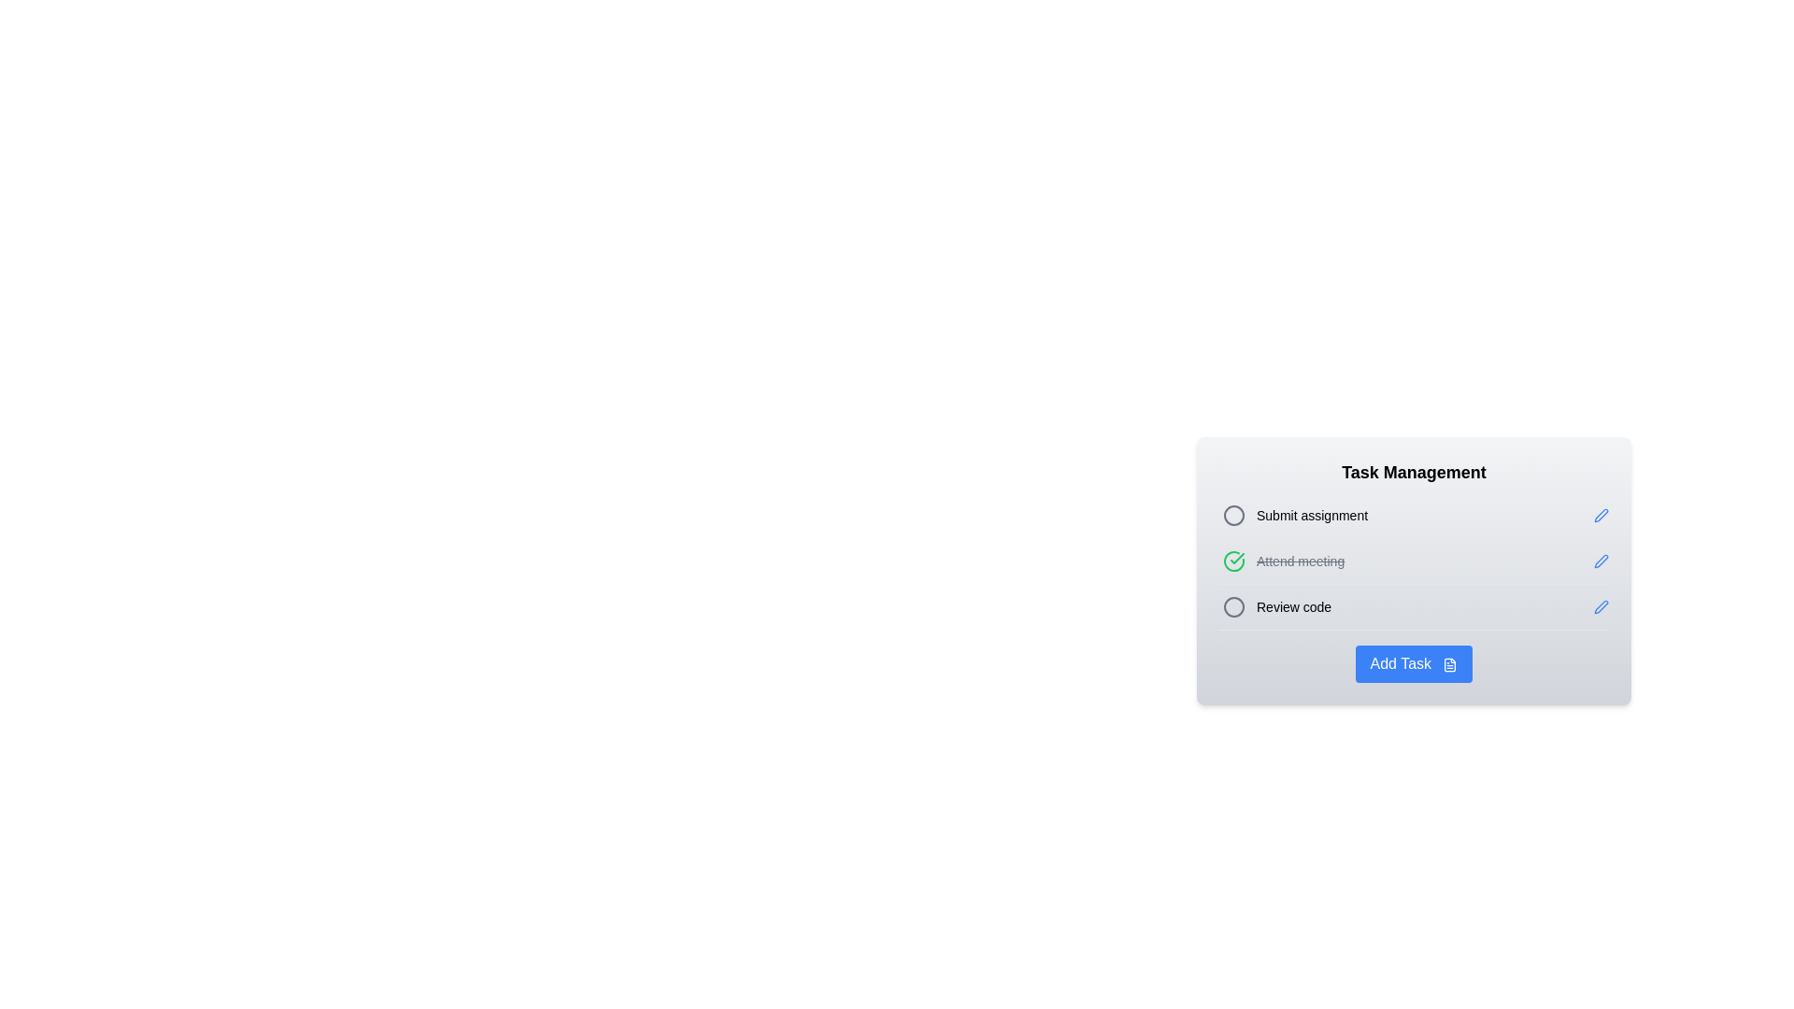 The width and height of the screenshot is (1794, 1009). Describe the element at coordinates (1293, 607) in the screenshot. I see `the 'Review code' text label element, which is the third item in a vertical list within the task management section, aligned horizontally with a circle icon on the left and an edit icon on the right` at that location.